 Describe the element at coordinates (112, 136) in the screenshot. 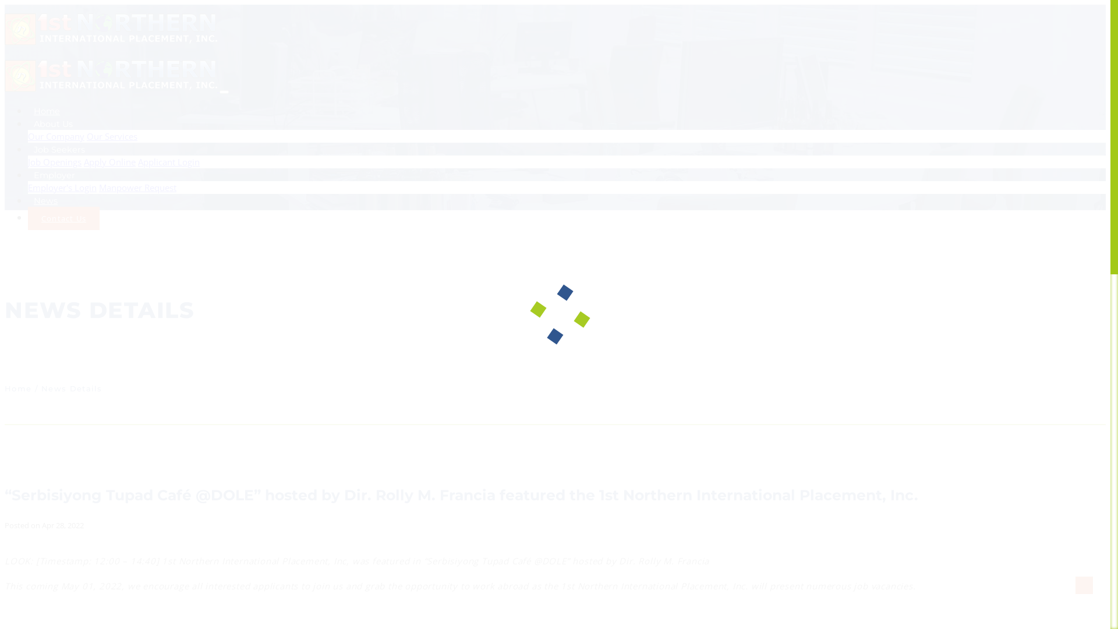

I see `'Our Services'` at that location.